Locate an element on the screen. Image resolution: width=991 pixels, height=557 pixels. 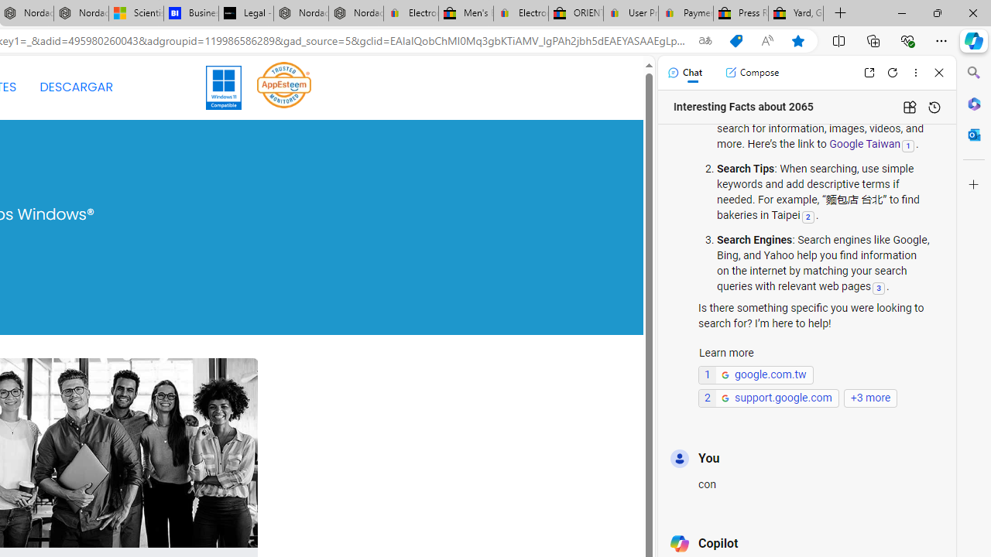
'App Esteem' is located at coordinates (284, 87).